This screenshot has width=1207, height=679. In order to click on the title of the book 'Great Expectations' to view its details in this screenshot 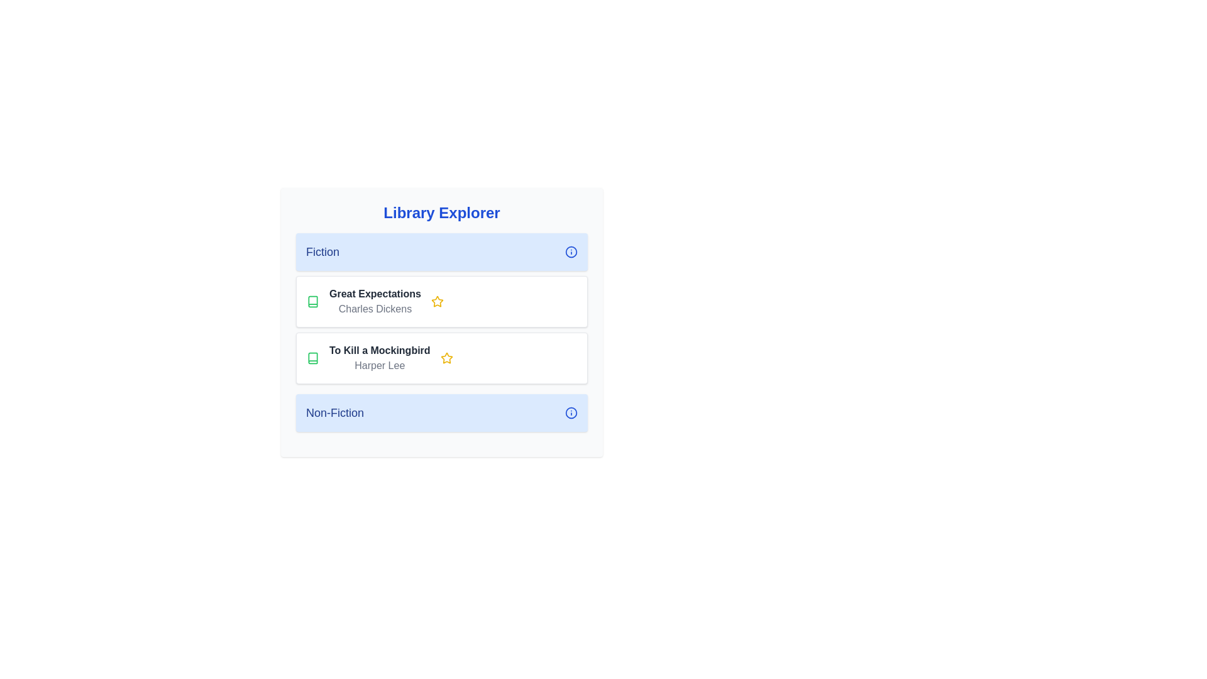, I will do `click(374, 294)`.